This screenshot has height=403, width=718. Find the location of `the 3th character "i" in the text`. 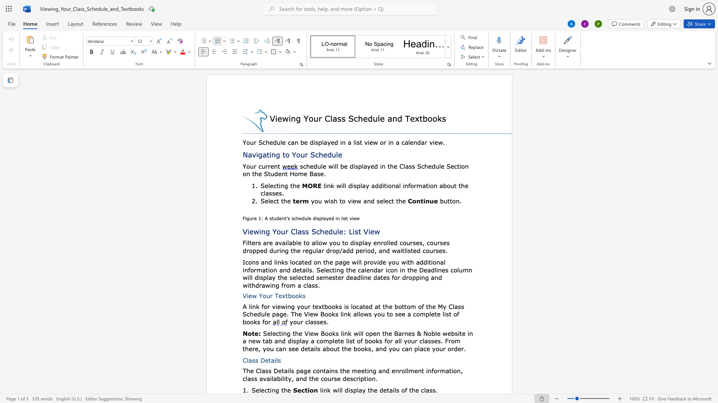

the 3th character "i" in the text is located at coordinates (452, 371).